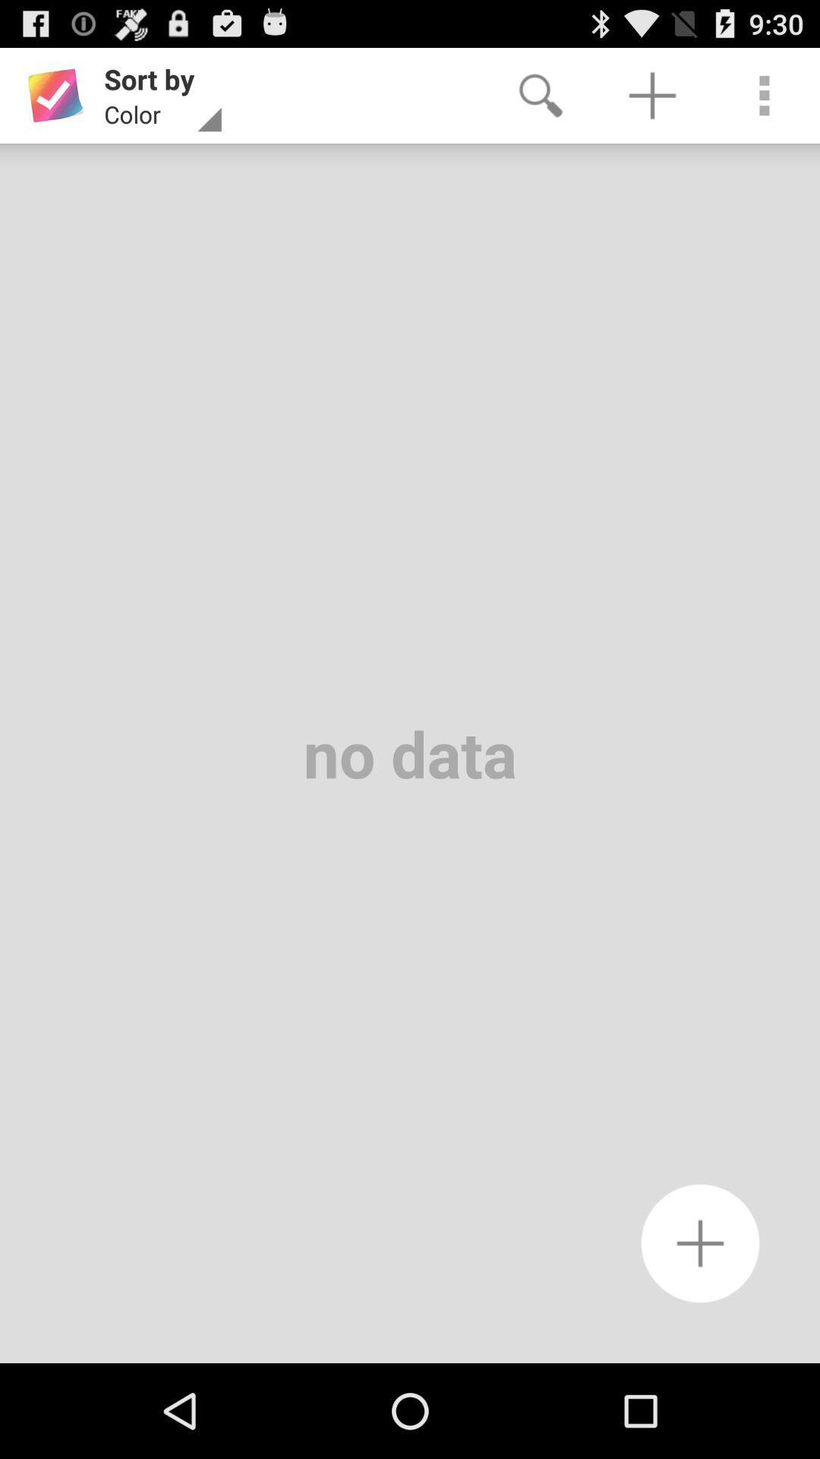  Describe the element at coordinates (700, 1243) in the screenshot. I see `a page` at that location.